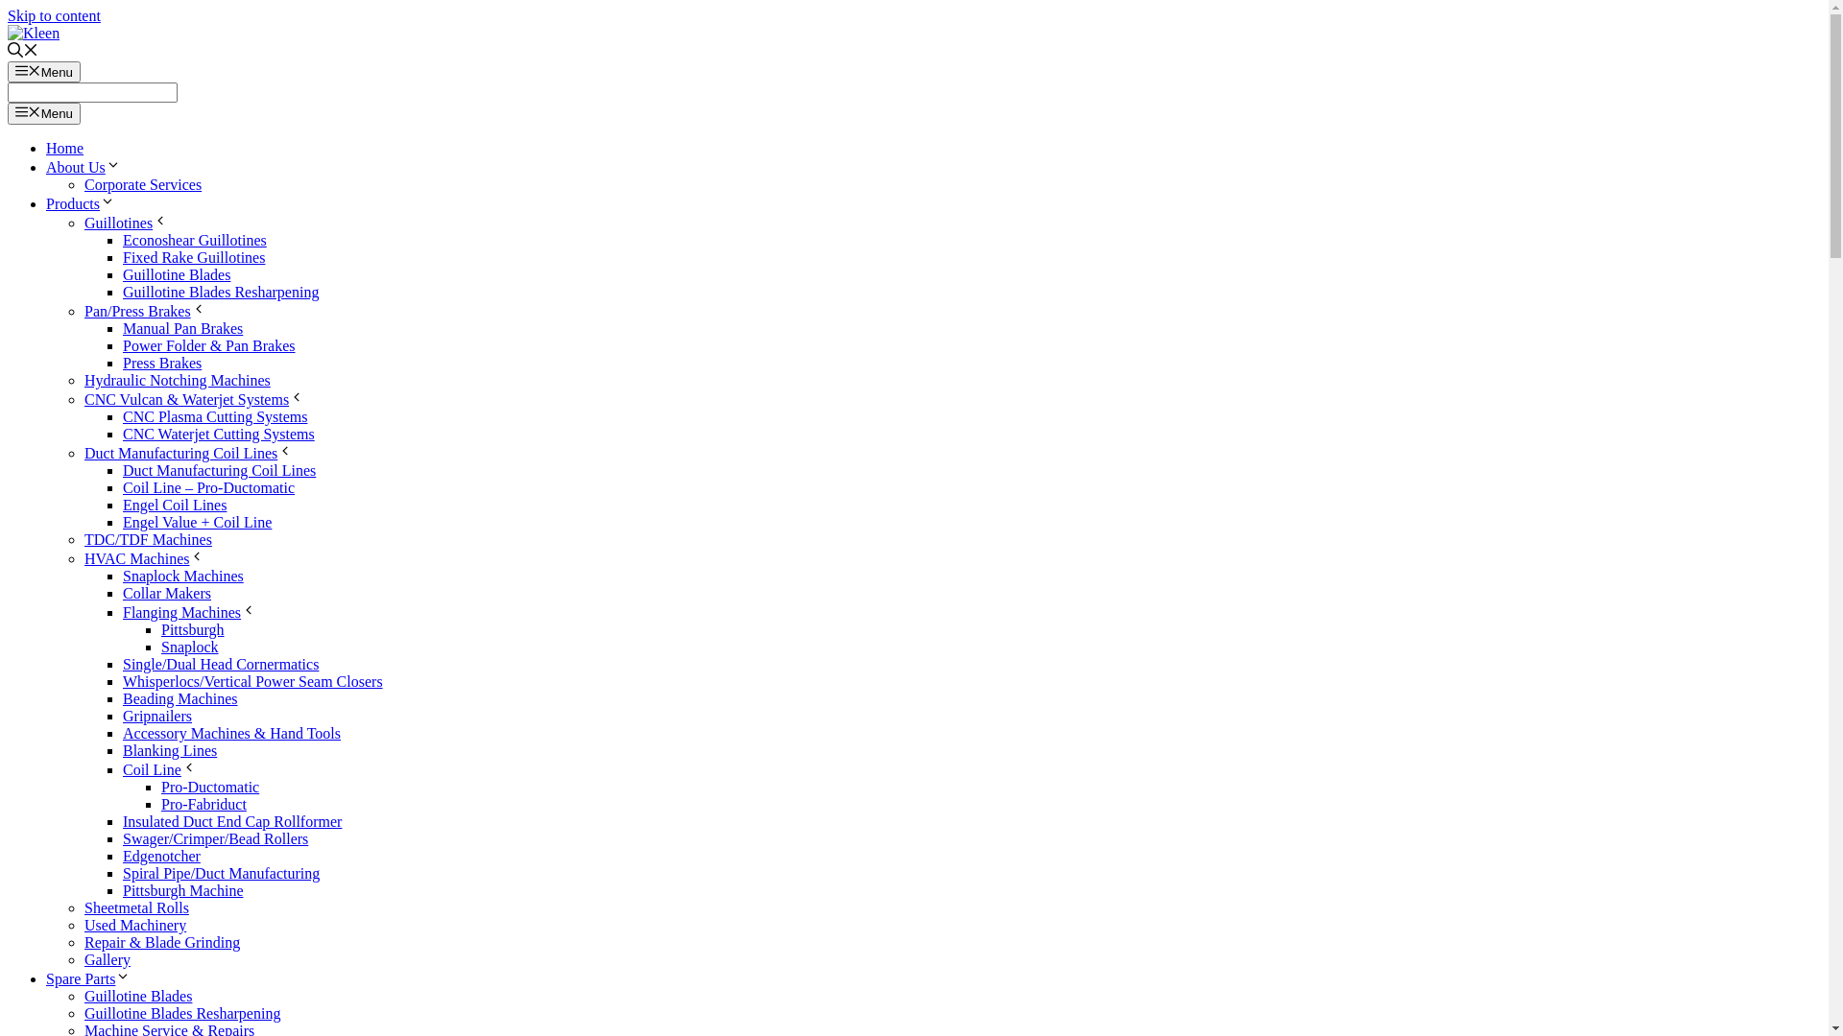 The width and height of the screenshot is (1843, 1036). I want to click on 'Engel Coil Lines', so click(175, 504).